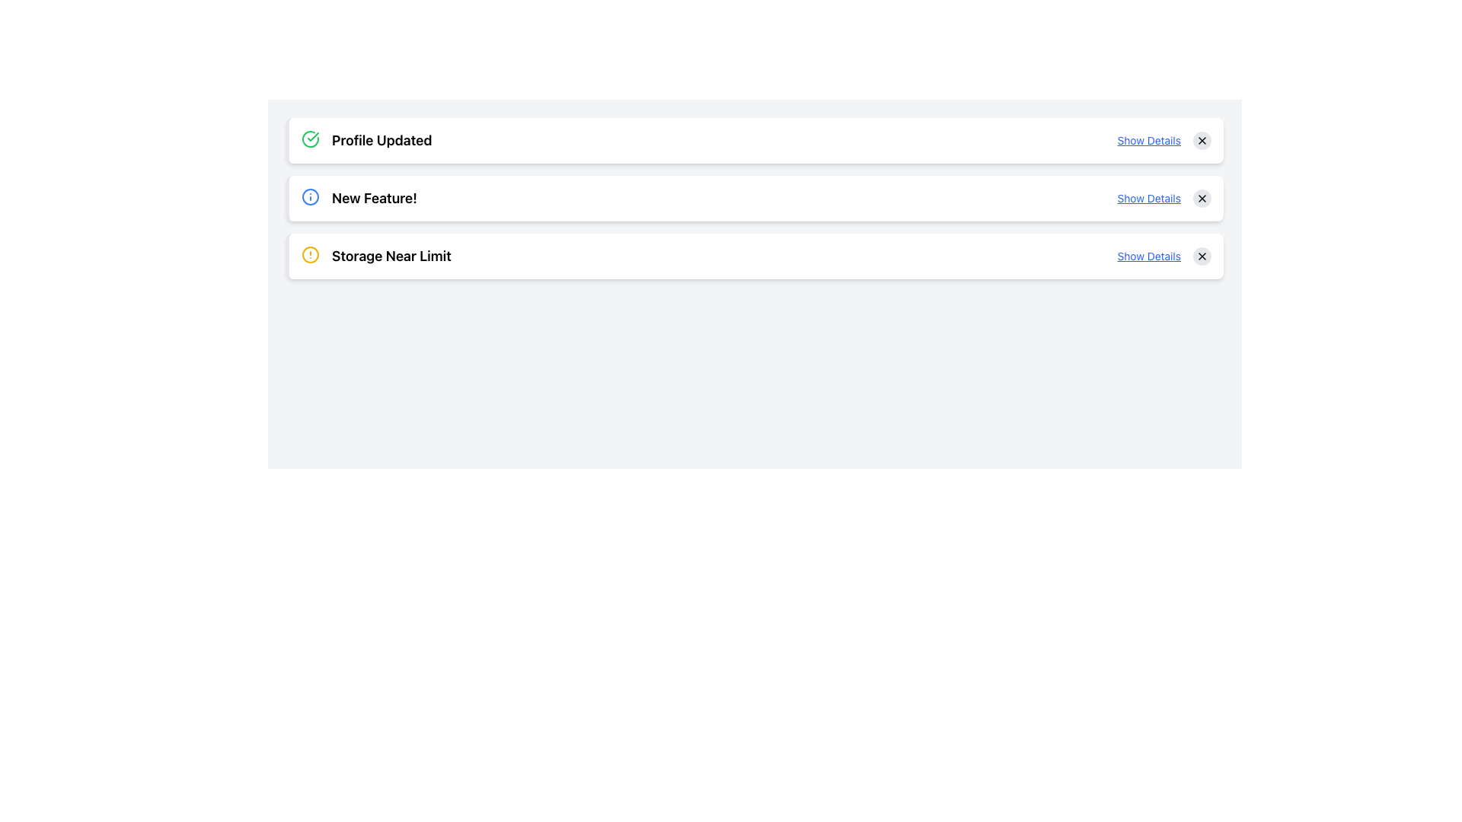 This screenshot has height=822, width=1462. I want to click on the circular button with a light gray background and a cross symbol ('×') located to the far right of the 'Show Details' text, so click(1202, 141).